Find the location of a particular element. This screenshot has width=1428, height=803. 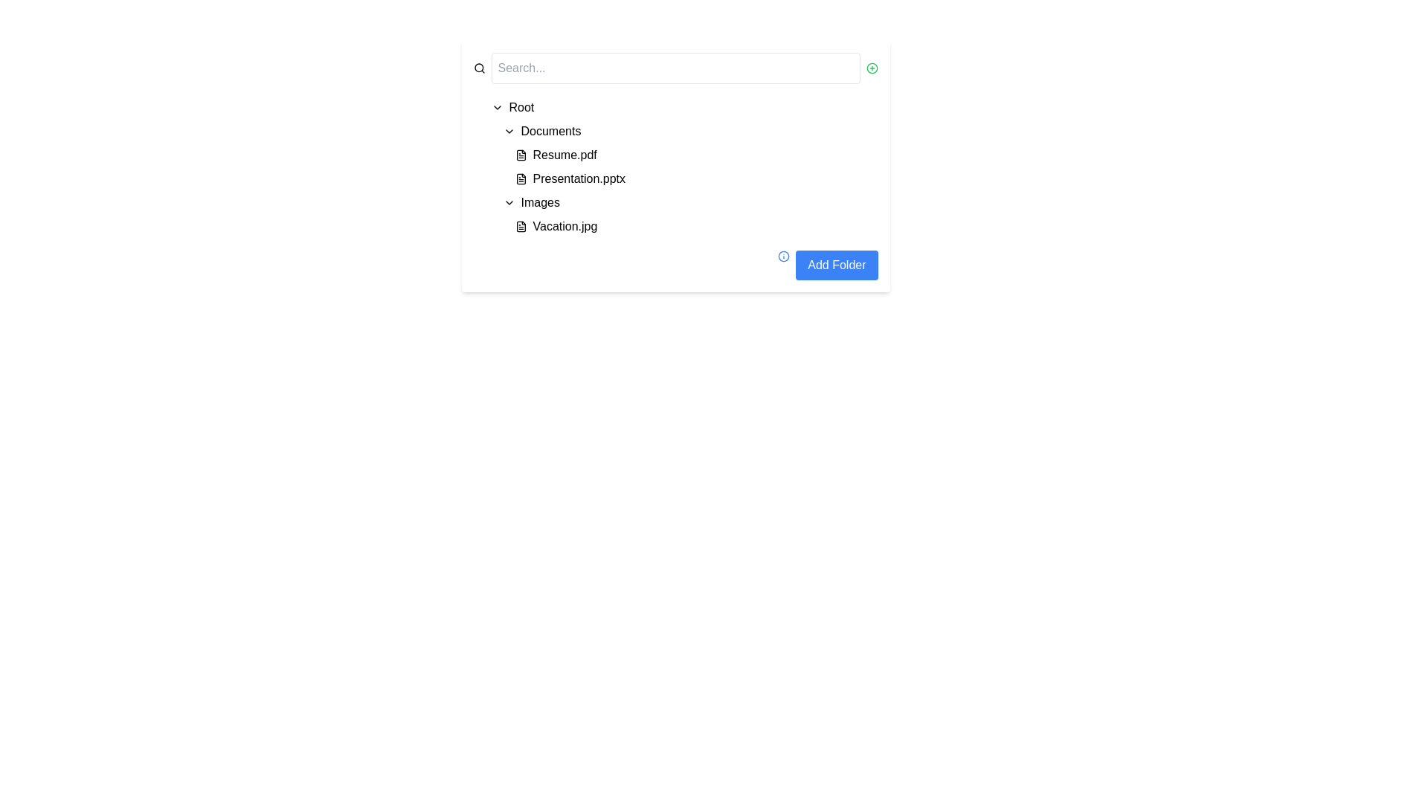

the chevron icon indicating the state of the collapsible section before the text label 'Root' in the dropdown component is located at coordinates (497, 107).